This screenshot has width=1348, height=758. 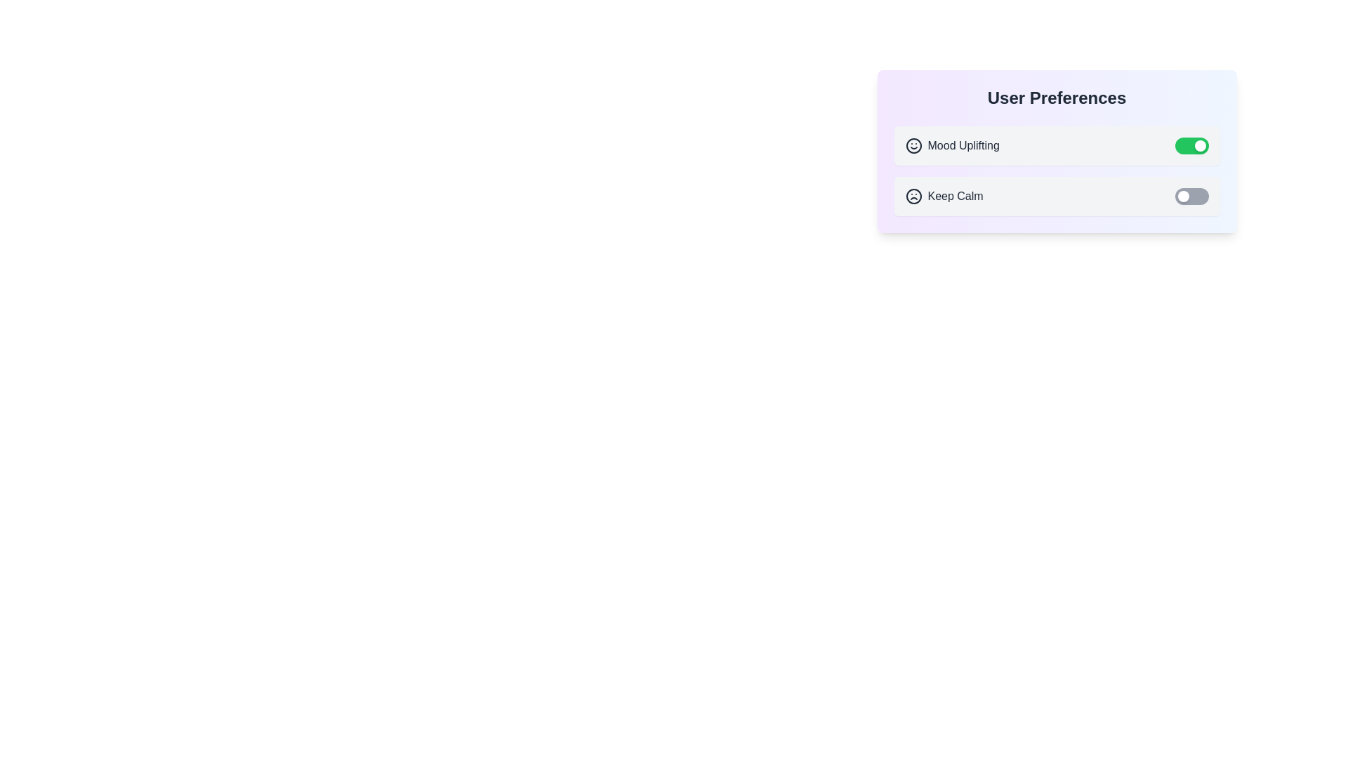 What do you see at coordinates (1199, 146) in the screenshot?
I see `the toggle handle of the 'Mood Uplifting' switch from its current position` at bounding box center [1199, 146].